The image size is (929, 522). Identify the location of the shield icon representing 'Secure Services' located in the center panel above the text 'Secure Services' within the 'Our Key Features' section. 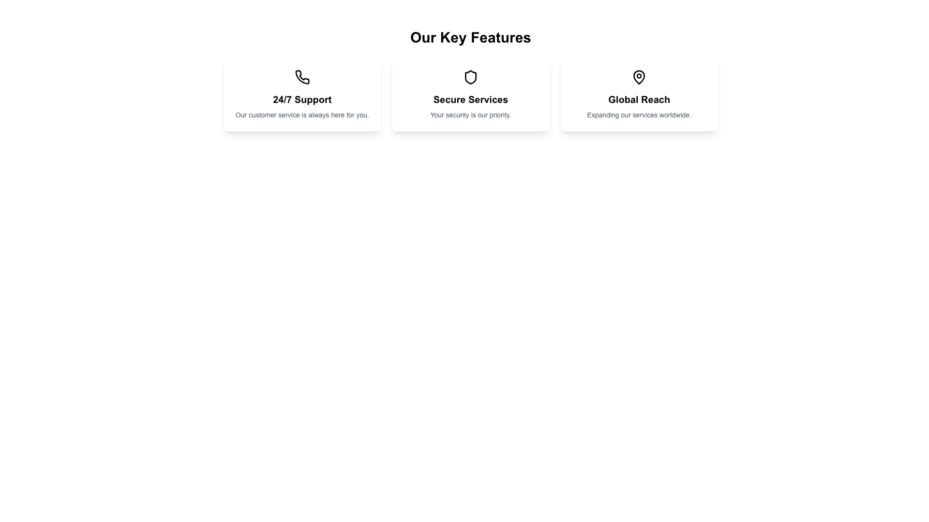
(471, 76).